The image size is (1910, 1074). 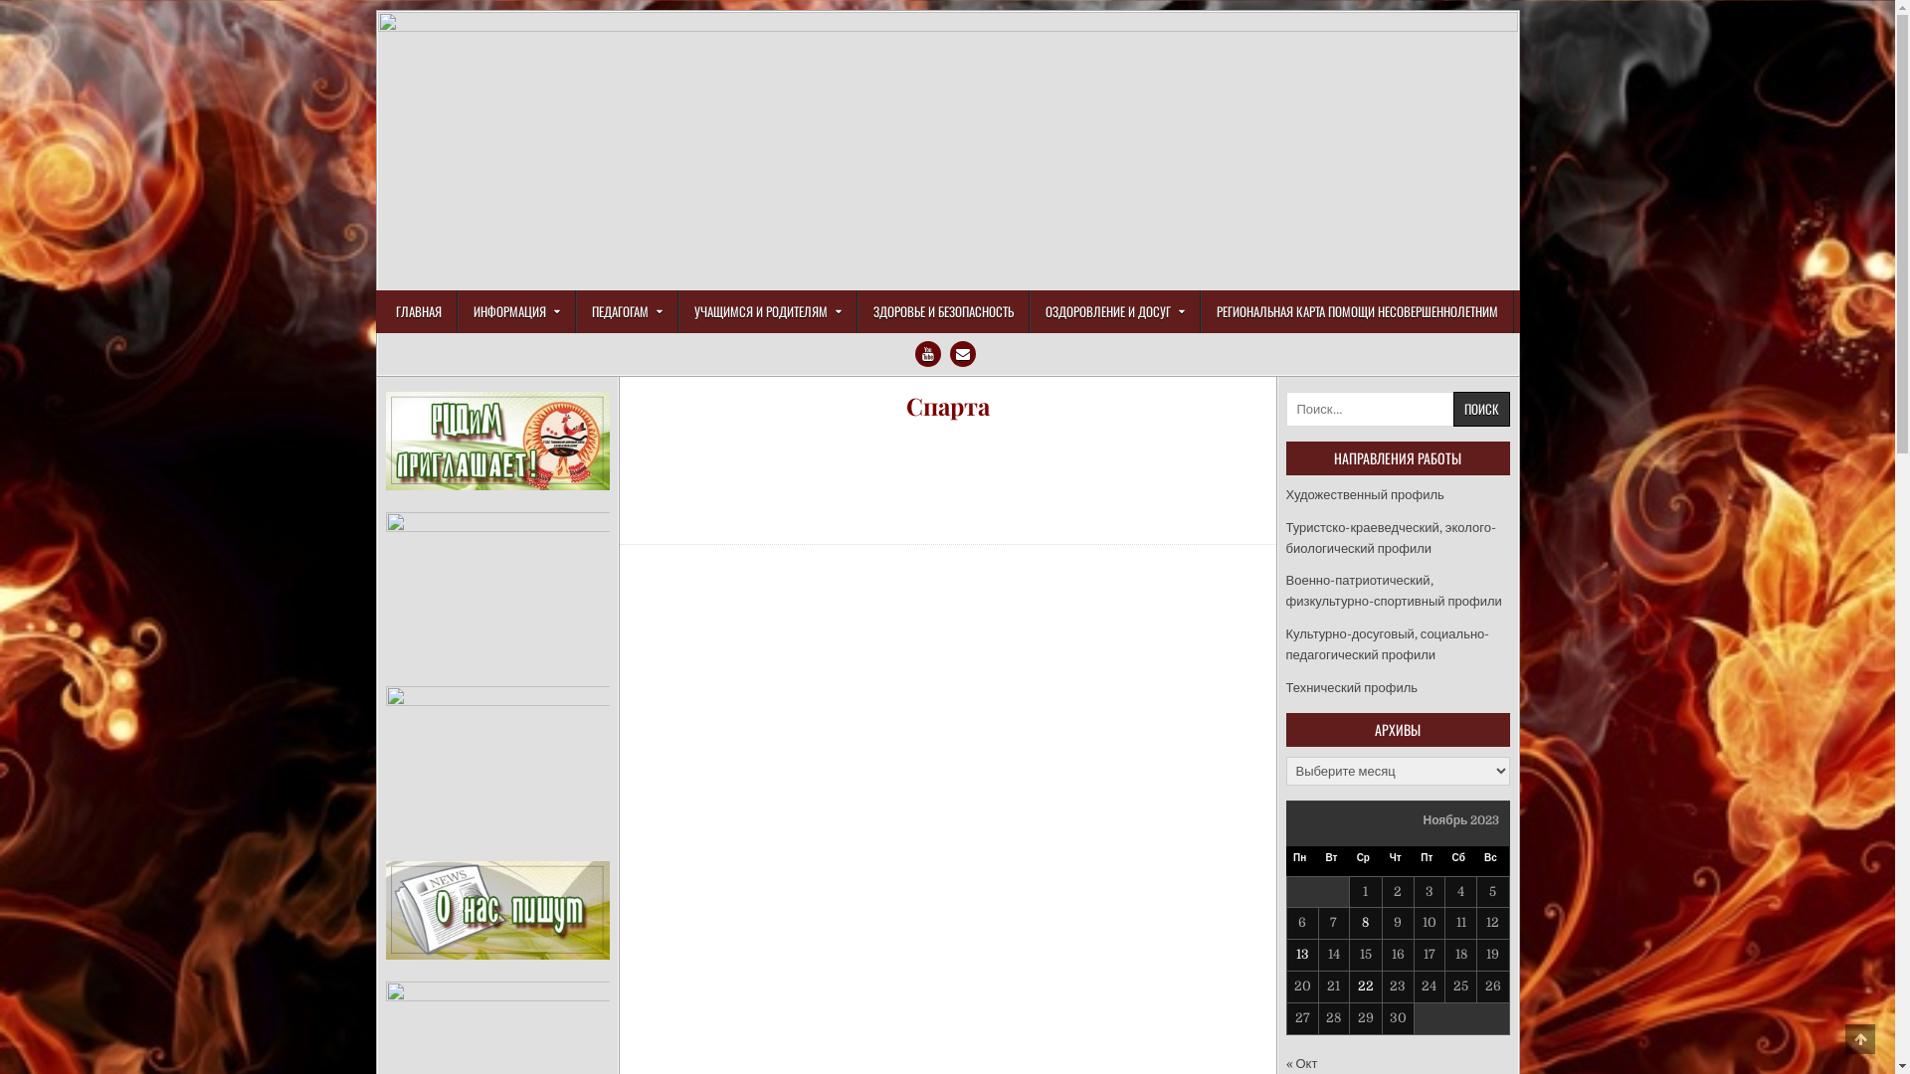 What do you see at coordinates (1364, 985) in the screenshot?
I see `'22'` at bounding box center [1364, 985].